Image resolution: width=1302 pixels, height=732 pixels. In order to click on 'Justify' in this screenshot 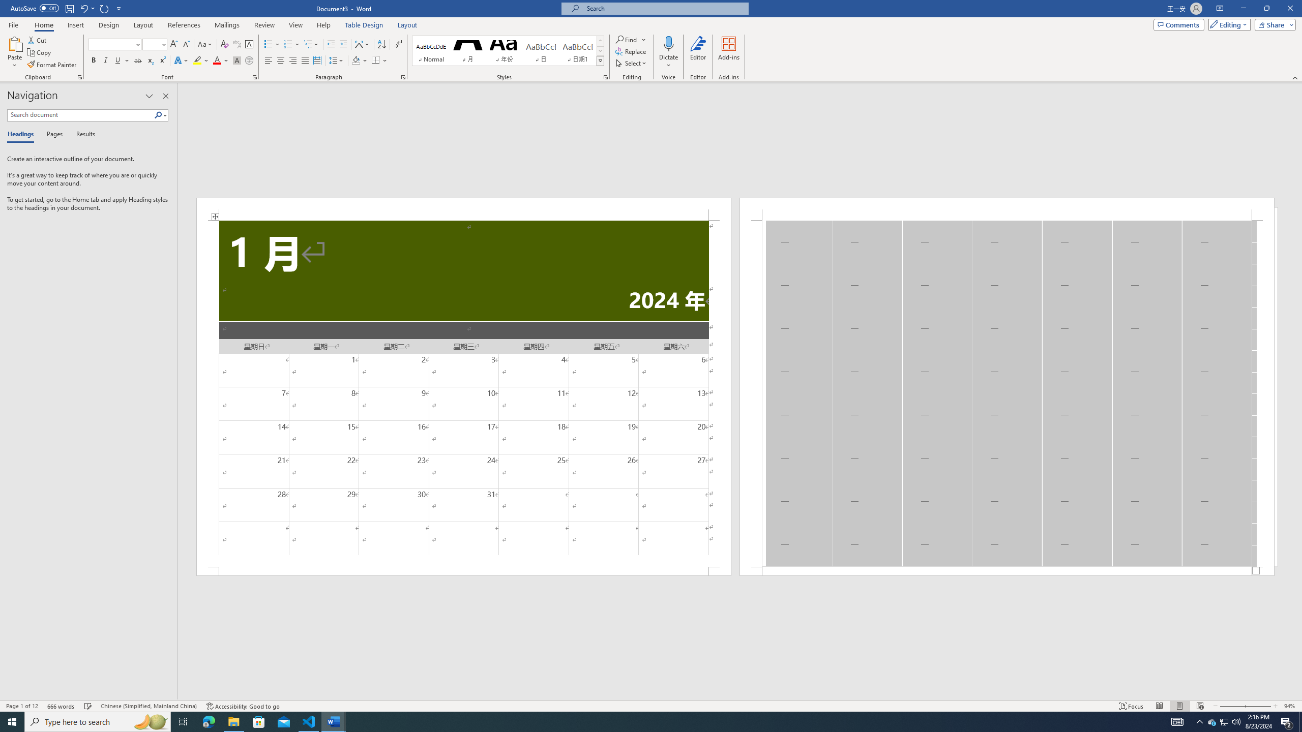, I will do `click(305, 60)`.